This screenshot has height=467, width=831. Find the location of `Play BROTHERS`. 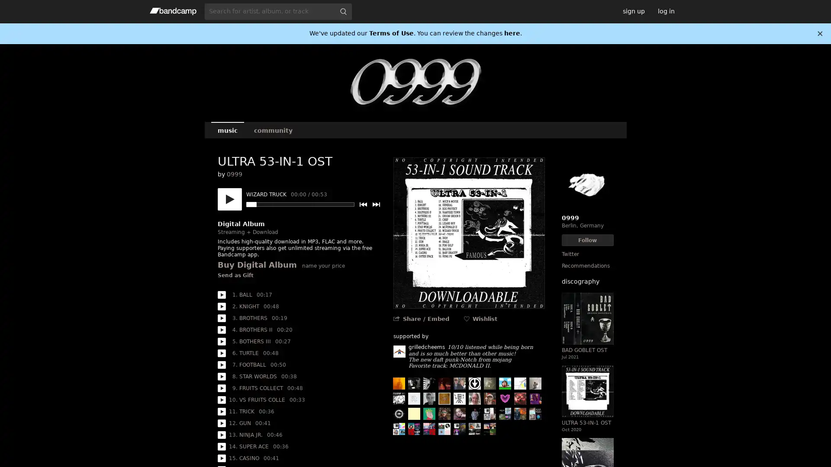

Play BROTHERS is located at coordinates (221, 318).